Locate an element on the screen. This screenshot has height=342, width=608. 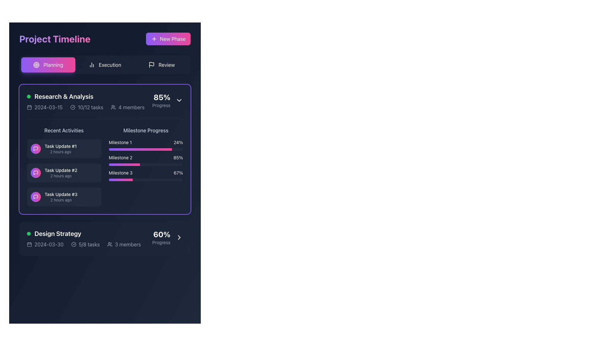
the Status Indicator located to the left of the 'Design Strategy' text, which visually denotes the current state of the Design Strategy item is located at coordinates (28, 233).